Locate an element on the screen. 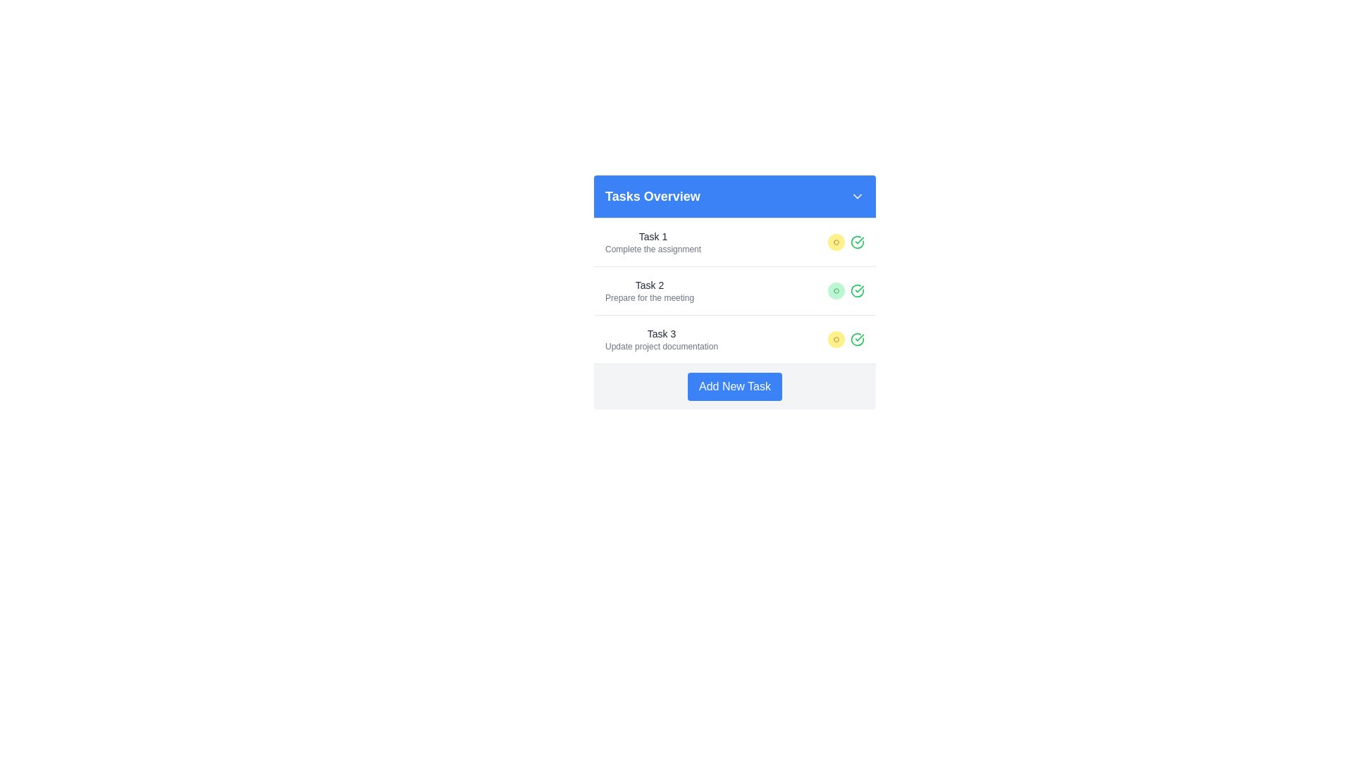 This screenshot has height=761, width=1353. the status badge indicating the completion state of 'Task 2 - Prepare for the meeting', which is a circular icon located in the second row of the checklist is located at coordinates (836, 290).